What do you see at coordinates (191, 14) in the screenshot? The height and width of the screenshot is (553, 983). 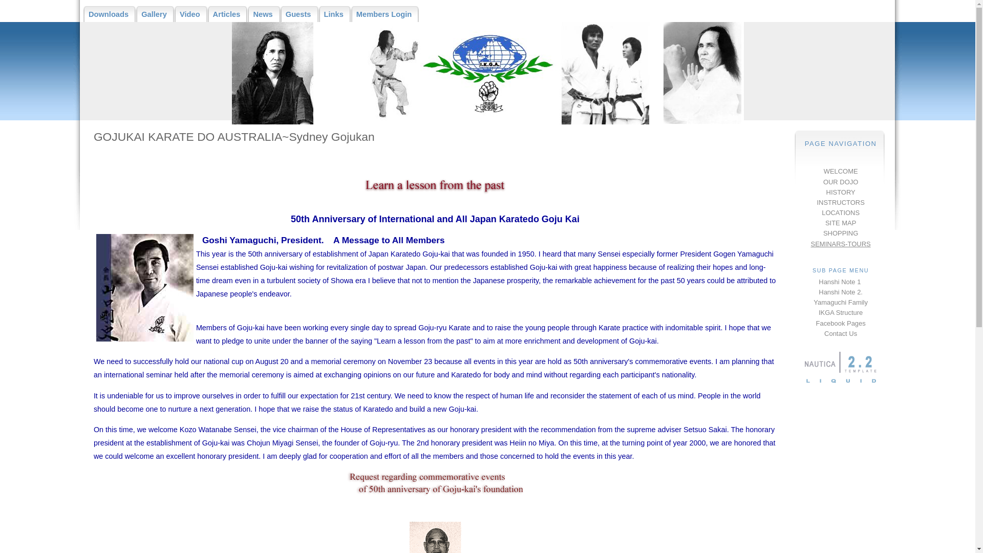 I see `'Video'` at bounding box center [191, 14].